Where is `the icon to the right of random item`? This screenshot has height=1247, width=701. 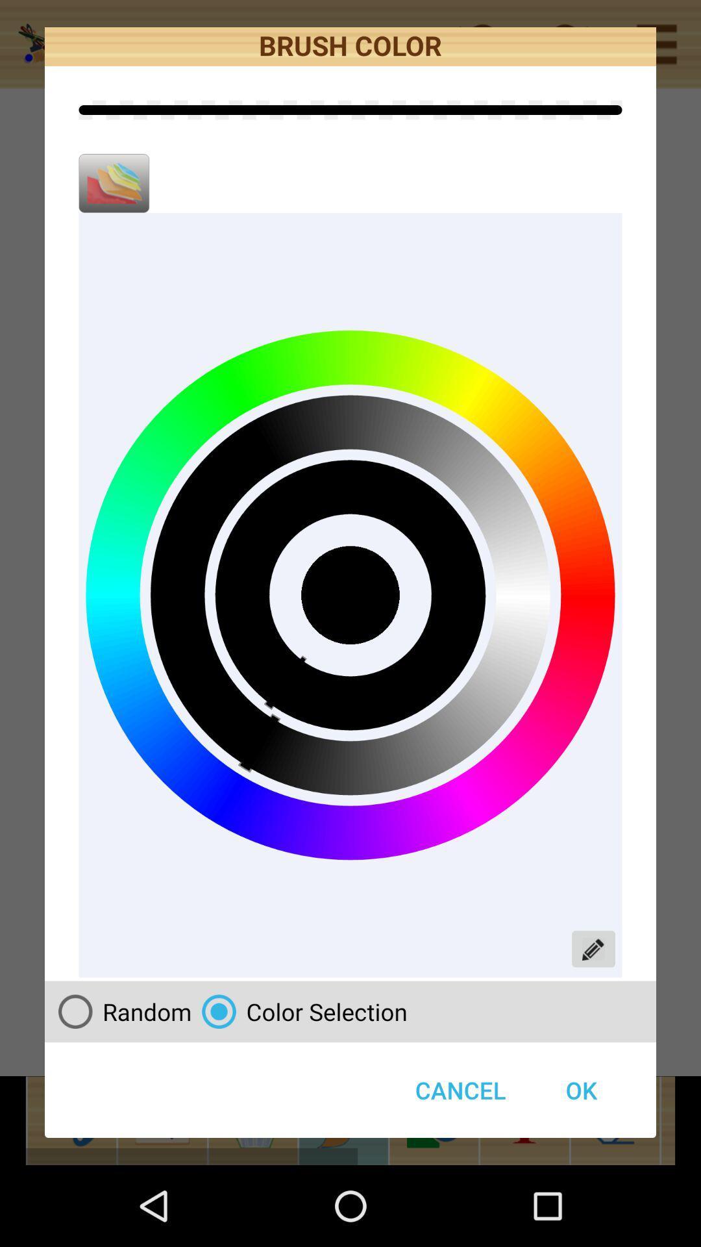
the icon to the right of random item is located at coordinates (299, 1011).